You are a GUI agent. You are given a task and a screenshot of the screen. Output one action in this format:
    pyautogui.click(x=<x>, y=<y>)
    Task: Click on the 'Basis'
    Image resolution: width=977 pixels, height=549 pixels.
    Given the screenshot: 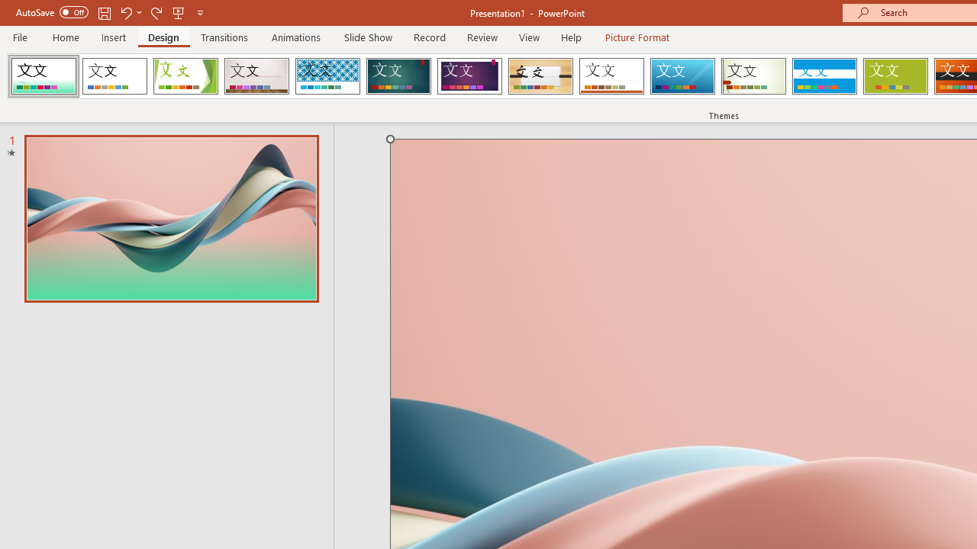 What is the action you would take?
    pyautogui.click(x=895, y=76)
    